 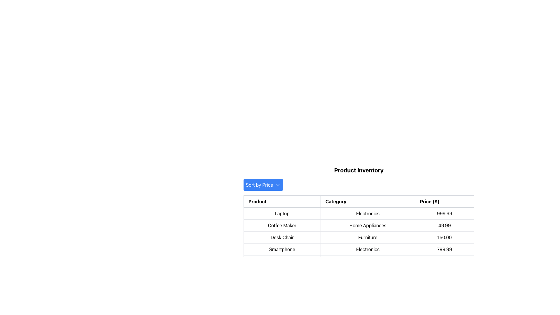 I want to click on the table cell containing the text '150.00' in the third row under the 'Price ($)' column, which is the last cell in the row for the product 'Desk Chair', so click(x=444, y=237).